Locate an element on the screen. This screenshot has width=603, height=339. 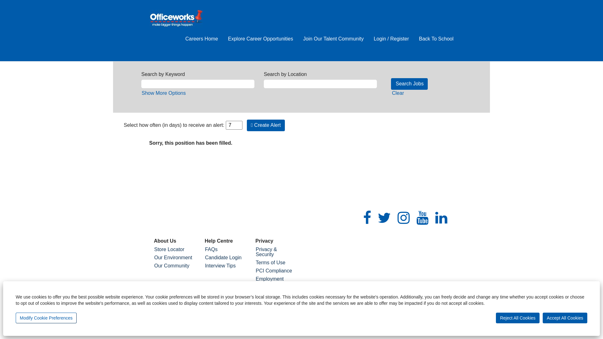
'Login / Register' is located at coordinates (391, 39).